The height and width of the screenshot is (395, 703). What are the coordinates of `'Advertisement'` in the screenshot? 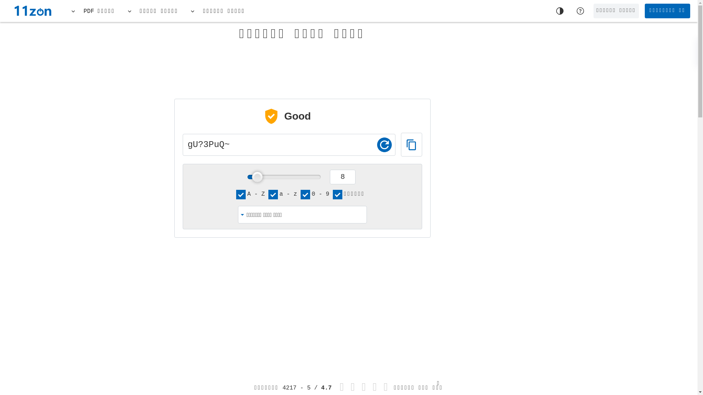 It's located at (127, 298).